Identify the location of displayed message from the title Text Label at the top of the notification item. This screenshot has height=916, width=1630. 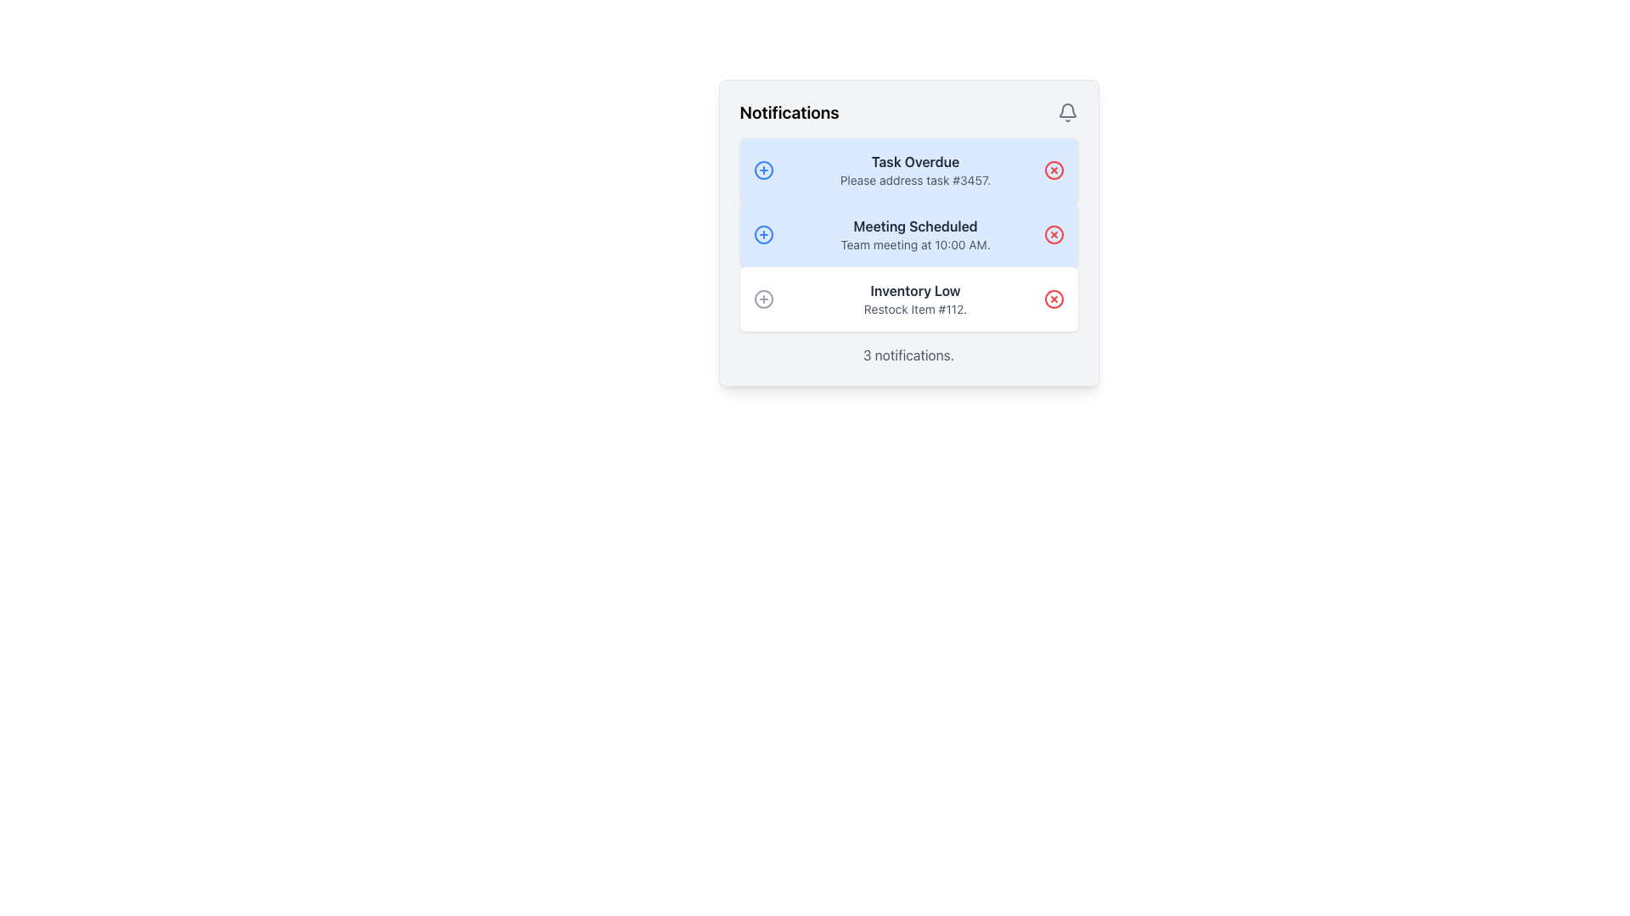
(914, 162).